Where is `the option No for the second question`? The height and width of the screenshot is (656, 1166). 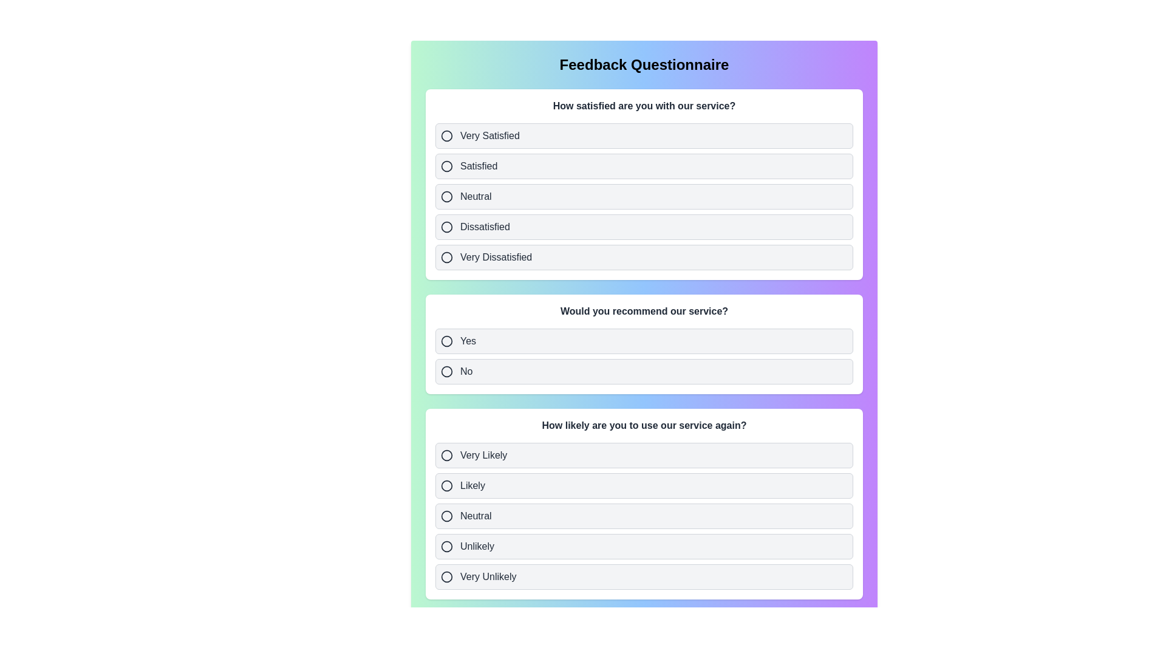 the option No for the second question is located at coordinates (643, 371).